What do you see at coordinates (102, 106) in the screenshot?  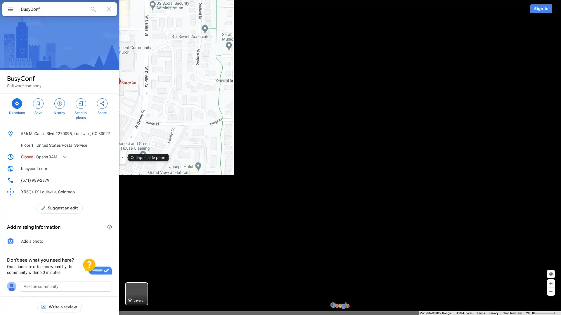 I see `Share BusyConf` at bounding box center [102, 106].